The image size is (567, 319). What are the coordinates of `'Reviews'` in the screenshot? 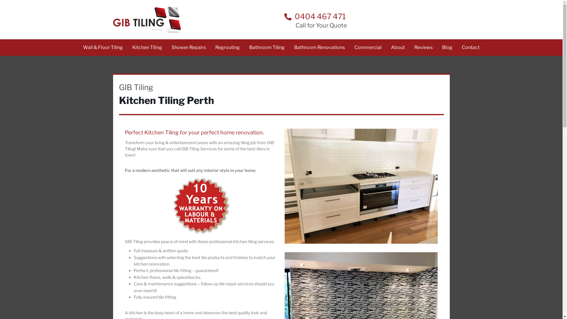 It's located at (423, 47).